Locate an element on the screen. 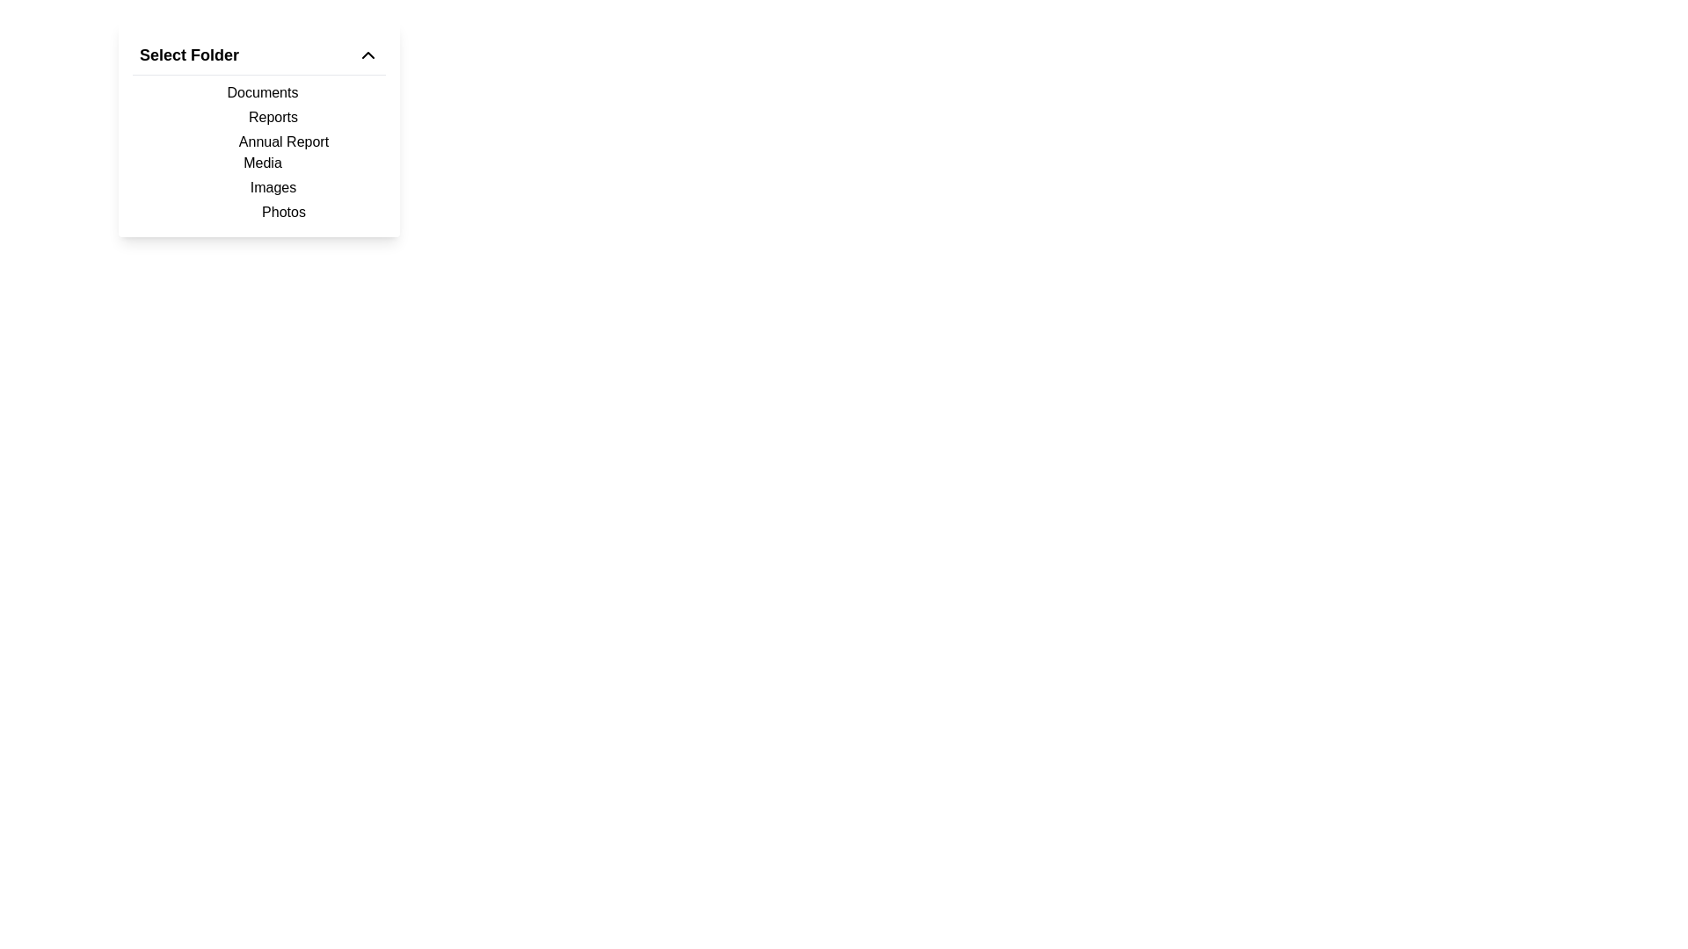 The height and width of the screenshot is (949, 1688). the text label that serves as a title for the dropdown menu is located at coordinates (189, 54).